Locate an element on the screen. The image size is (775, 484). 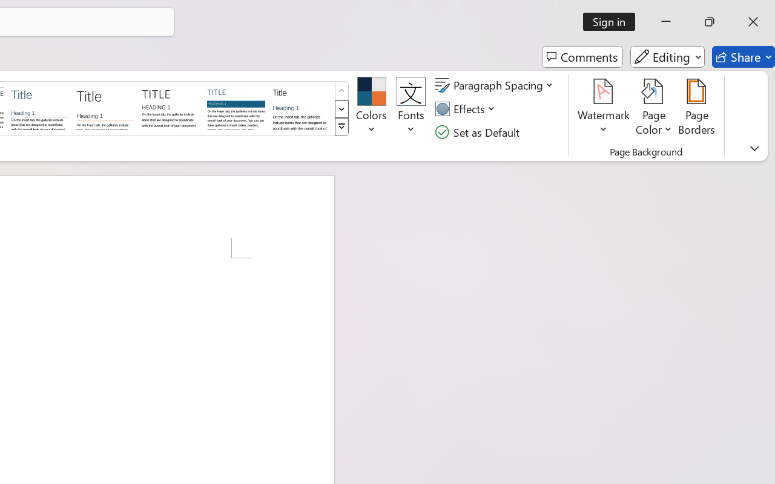
'Page Color' is located at coordinates (653, 108).